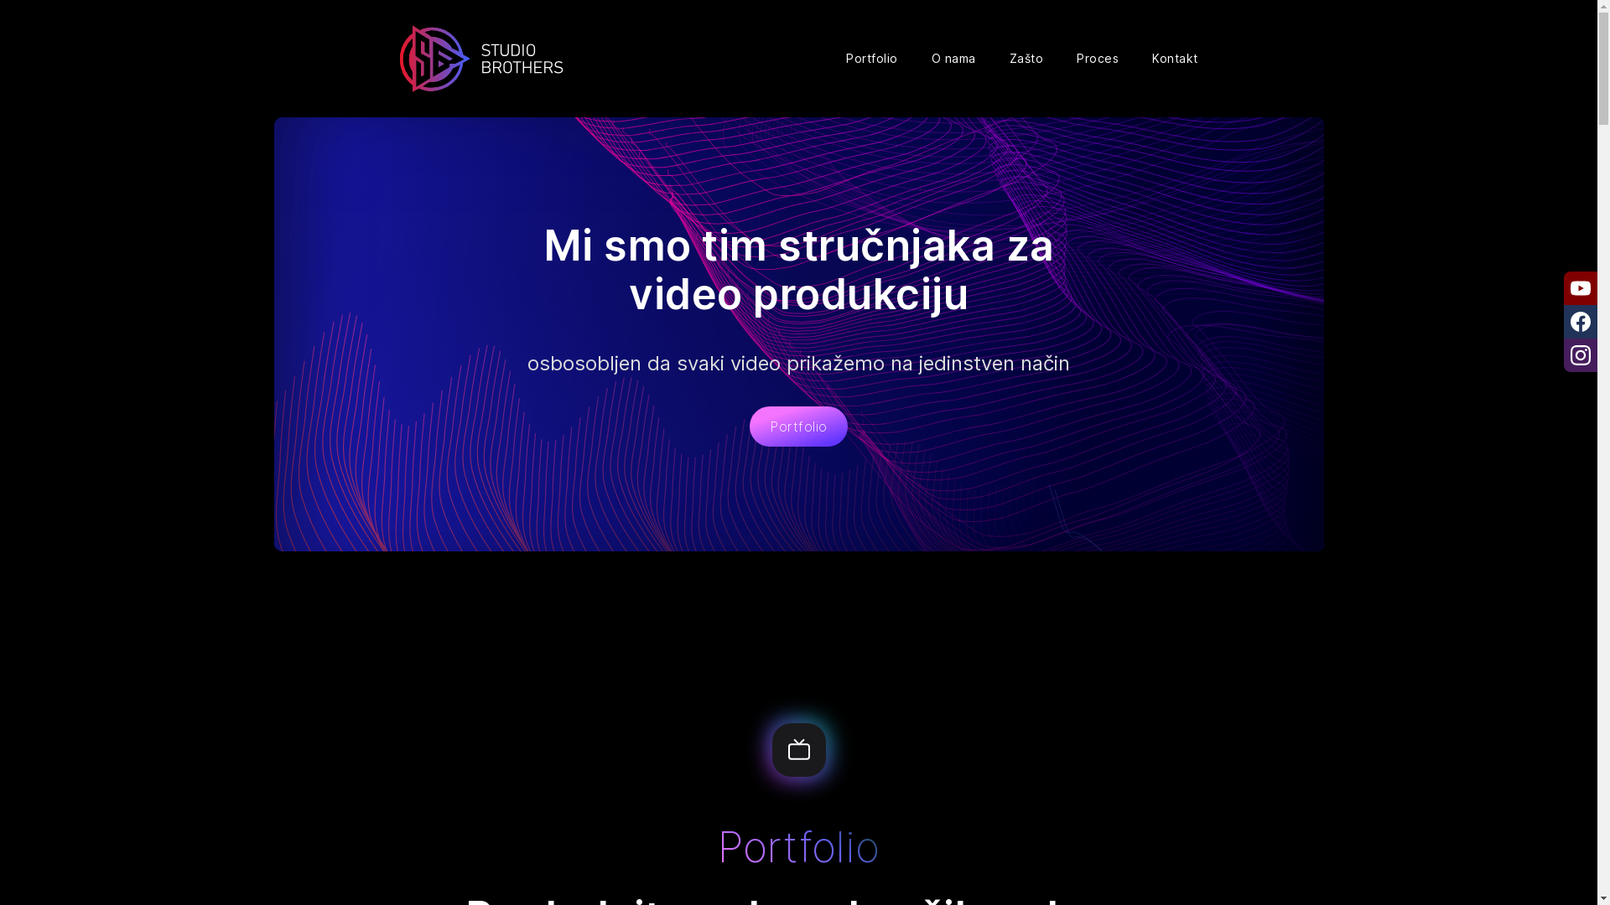  Describe the element at coordinates (480, 57) in the screenshot. I see `'Naslovna'` at that location.